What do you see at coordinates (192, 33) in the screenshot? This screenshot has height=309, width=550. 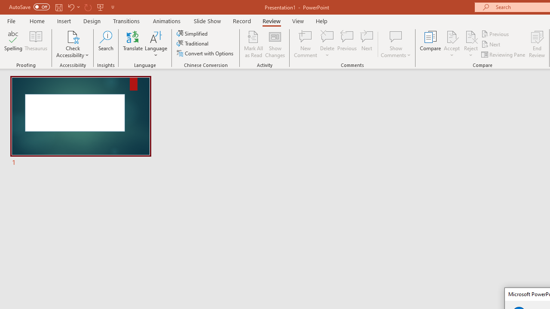 I see `'Simplified'` at bounding box center [192, 33].